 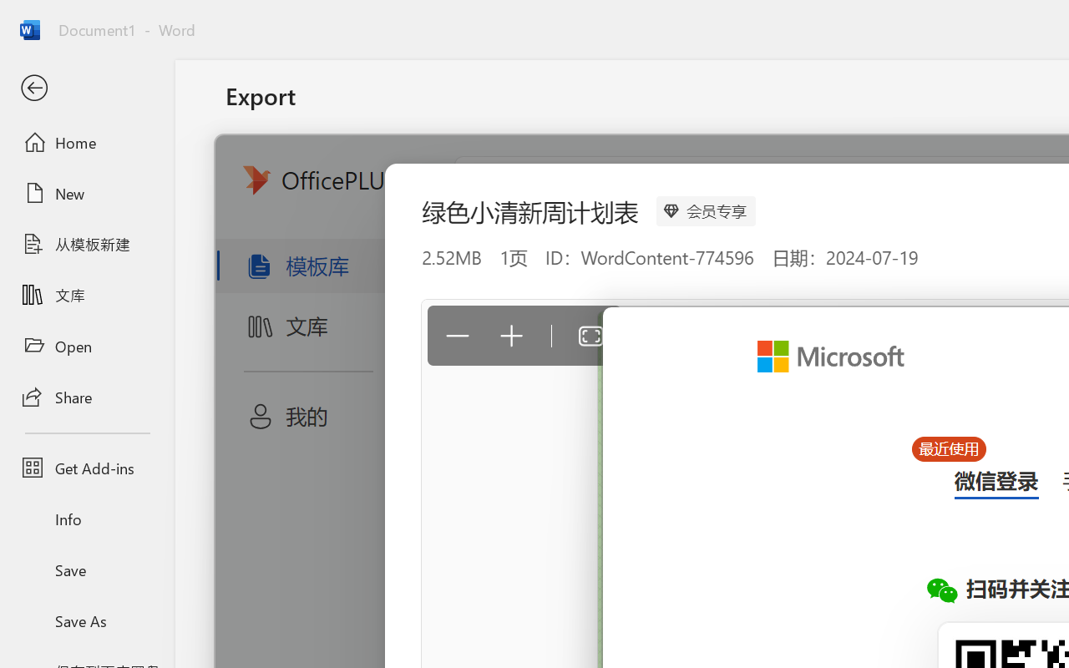 What do you see at coordinates (86, 193) in the screenshot?
I see `'New'` at bounding box center [86, 193].